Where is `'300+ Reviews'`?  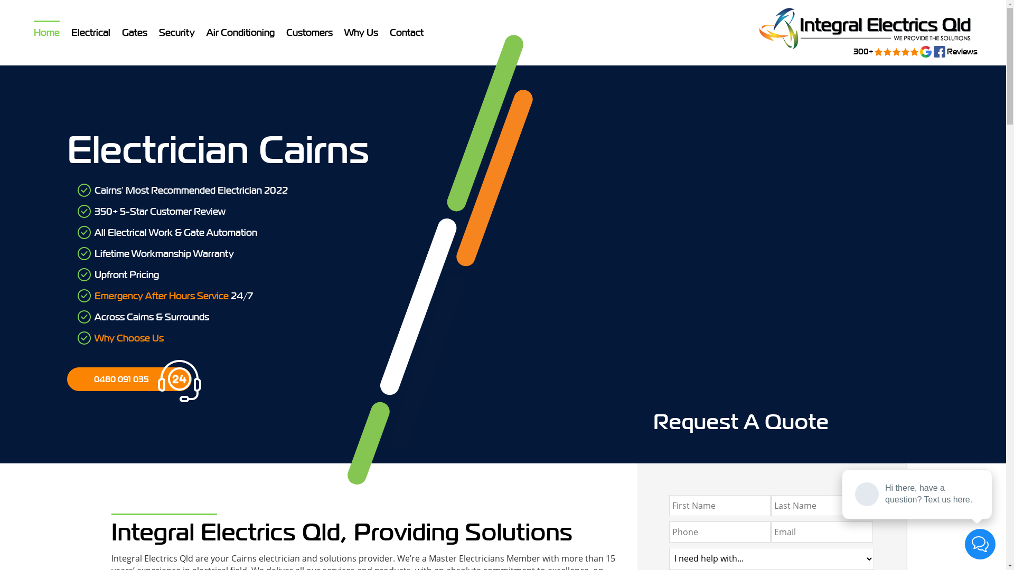
'300+ Reviews' is located at coordinates (752, 28).